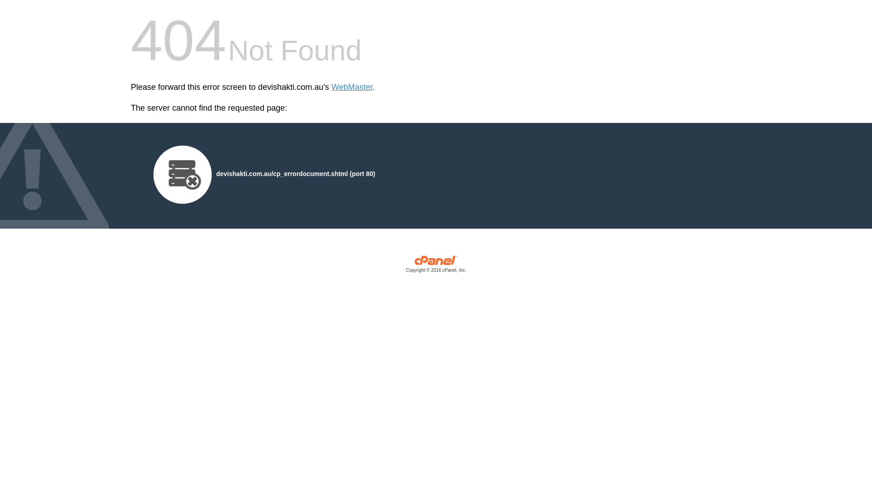 Image resolution: width=872 pixels, height=490 pixels. I want to click on 'WebMaster', so click(352, 87).